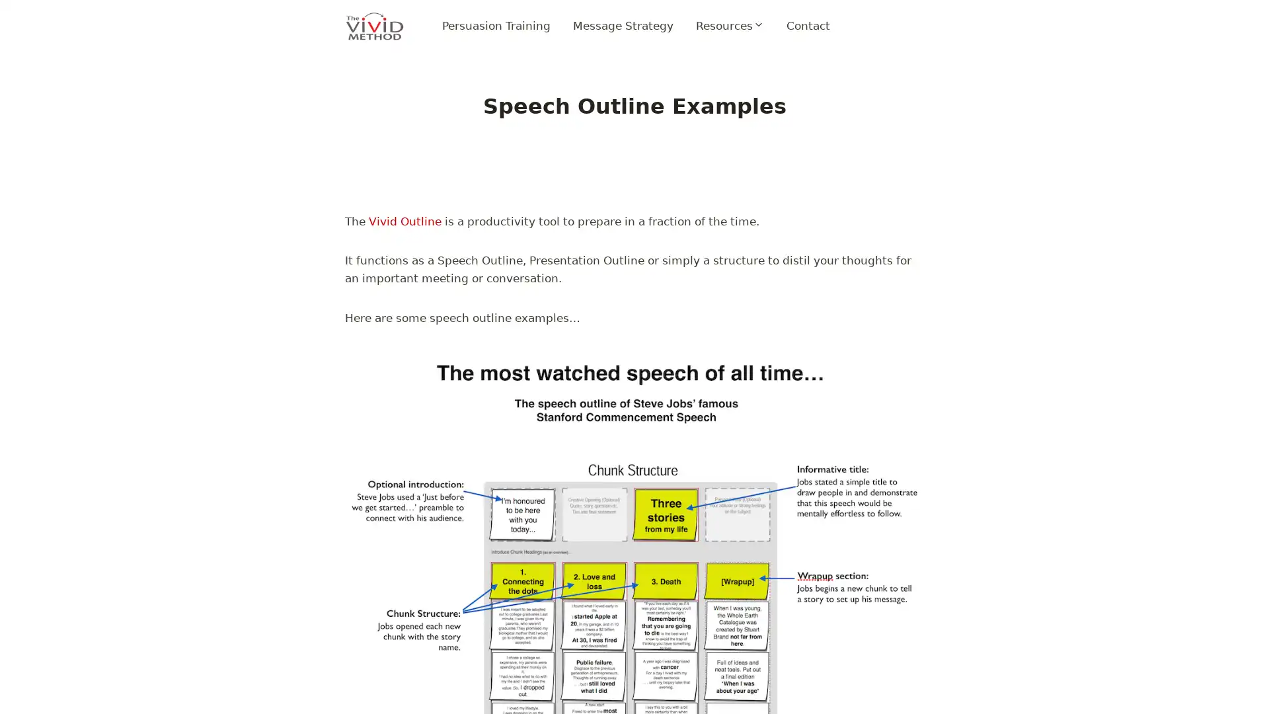 Image resolution: width=1269 pixels, height=714 pixels. Describe the element at coordinates (728, 26) in the screenshot. I see `Expand child menu` at that location.